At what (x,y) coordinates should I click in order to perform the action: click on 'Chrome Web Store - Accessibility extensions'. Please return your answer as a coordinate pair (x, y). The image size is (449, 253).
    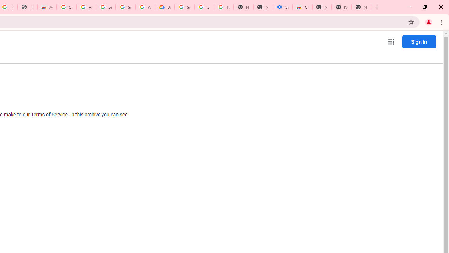
    Looking at the image, I should click on (302, 7).